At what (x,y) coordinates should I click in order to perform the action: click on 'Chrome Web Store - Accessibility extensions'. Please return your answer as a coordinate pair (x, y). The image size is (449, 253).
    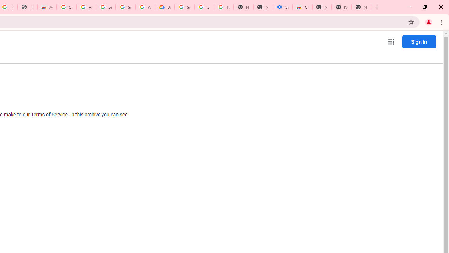
    Looking at the image, I should click on (302, 7).